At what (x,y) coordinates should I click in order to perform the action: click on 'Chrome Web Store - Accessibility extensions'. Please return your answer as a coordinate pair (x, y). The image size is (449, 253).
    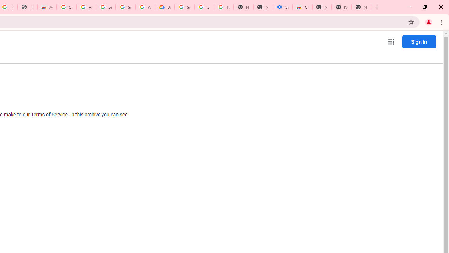
    Looking at the image, I should click on (302, 7).